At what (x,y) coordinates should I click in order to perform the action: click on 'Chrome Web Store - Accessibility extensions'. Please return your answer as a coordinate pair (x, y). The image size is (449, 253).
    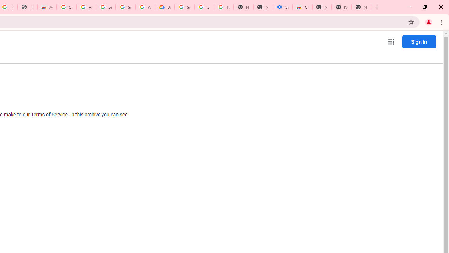
    Looking at the image, I should click on (302, 7).